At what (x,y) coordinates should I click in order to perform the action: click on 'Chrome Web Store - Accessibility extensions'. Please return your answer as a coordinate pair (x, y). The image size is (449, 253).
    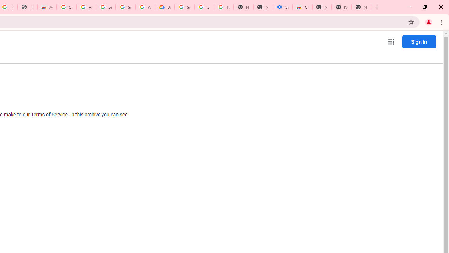
    Looking at the image, I should click on (302, 7).